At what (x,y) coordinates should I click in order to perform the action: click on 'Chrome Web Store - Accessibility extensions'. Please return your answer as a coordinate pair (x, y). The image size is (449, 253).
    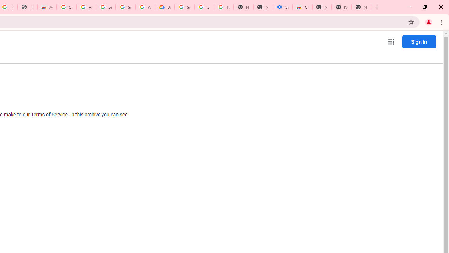
    Looking at the image, I should click on (302, 7).